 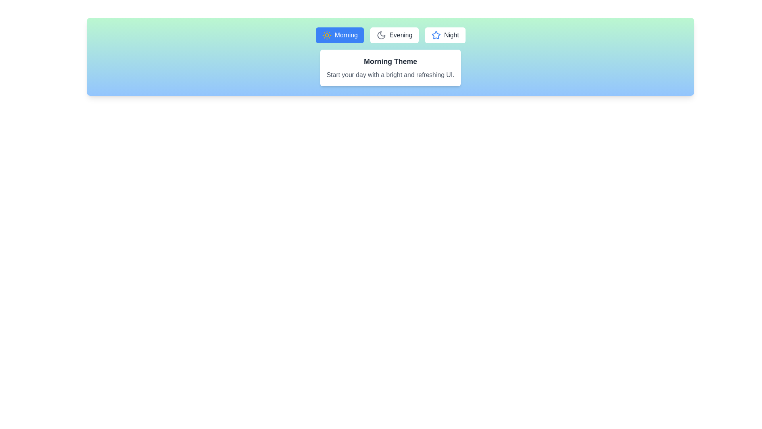 I want to click on the button labeled Evening, so click(x=394, y=35).